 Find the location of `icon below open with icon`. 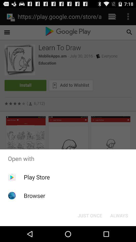

icon below open with icon is located at coordinates (37, 177).